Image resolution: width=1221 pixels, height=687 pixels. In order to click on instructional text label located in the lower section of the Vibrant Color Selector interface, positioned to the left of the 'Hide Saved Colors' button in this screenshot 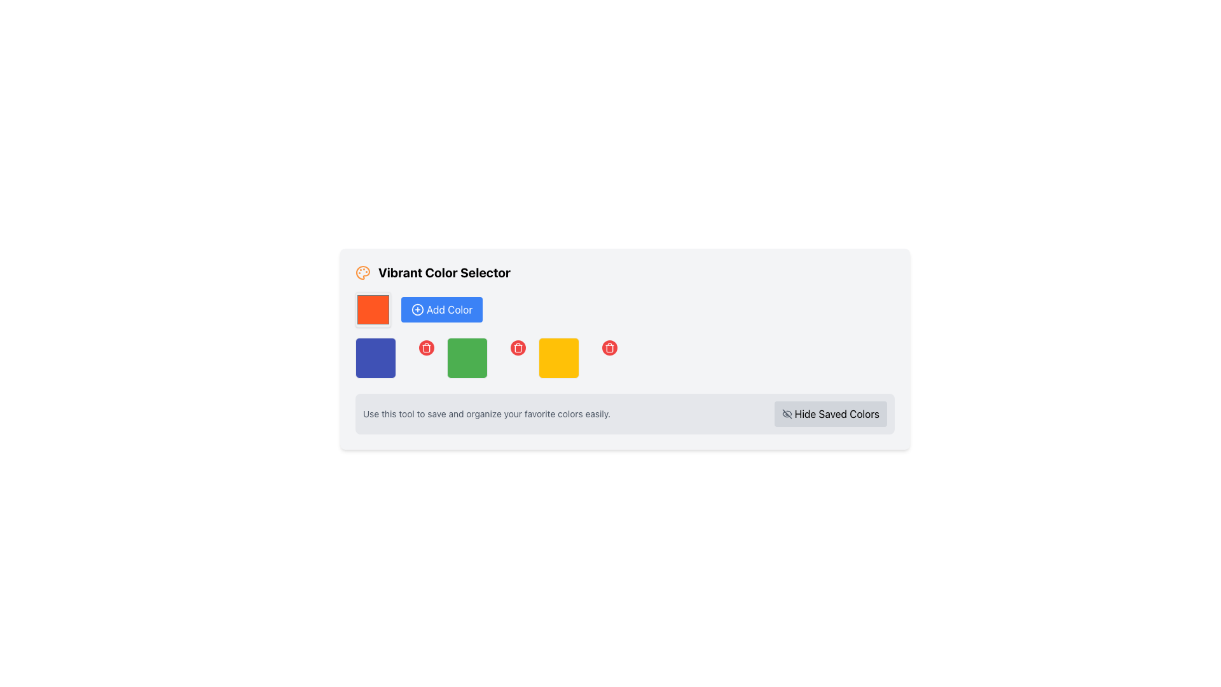, I will do `click(486, 414)`.